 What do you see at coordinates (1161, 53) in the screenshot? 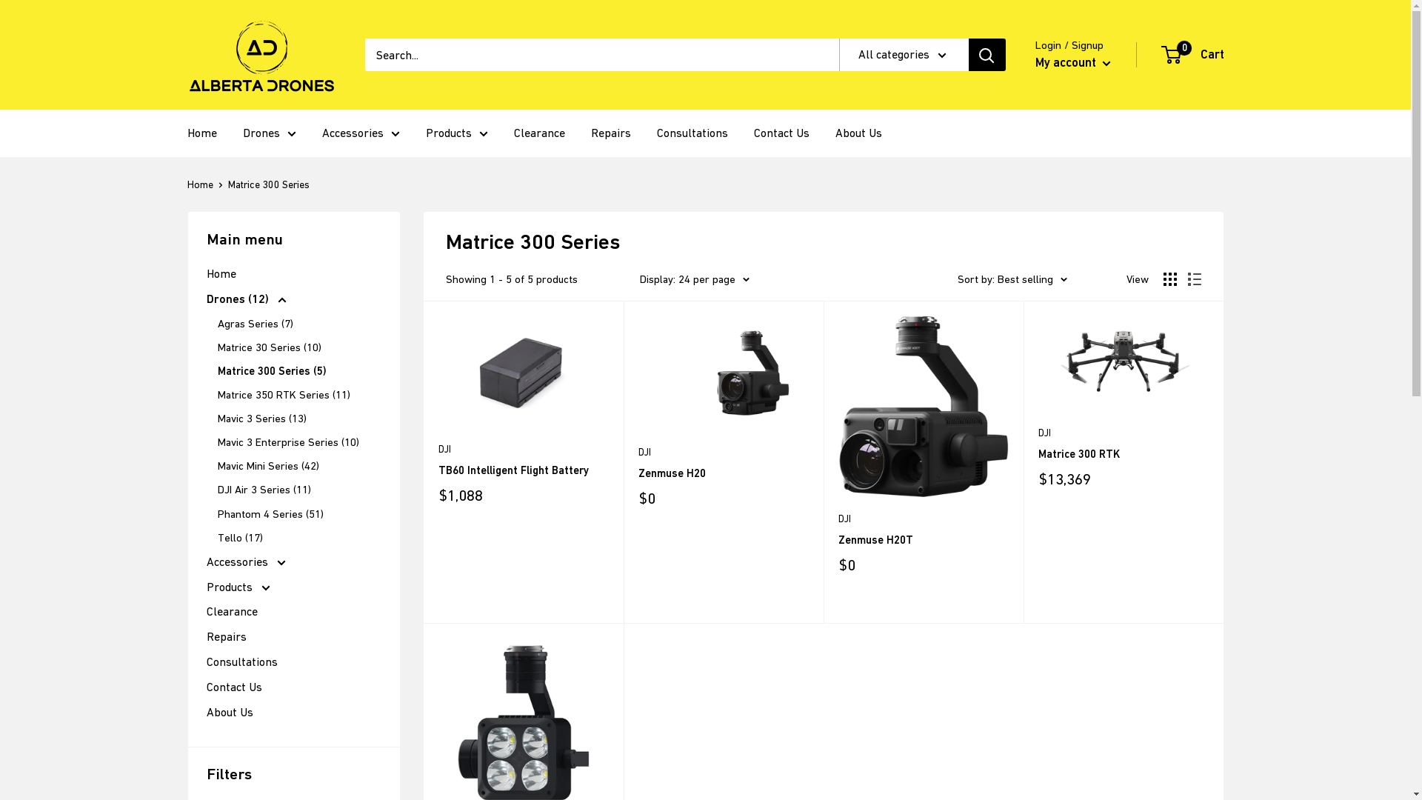
I see `'0` at bounding box center [1161, 53].